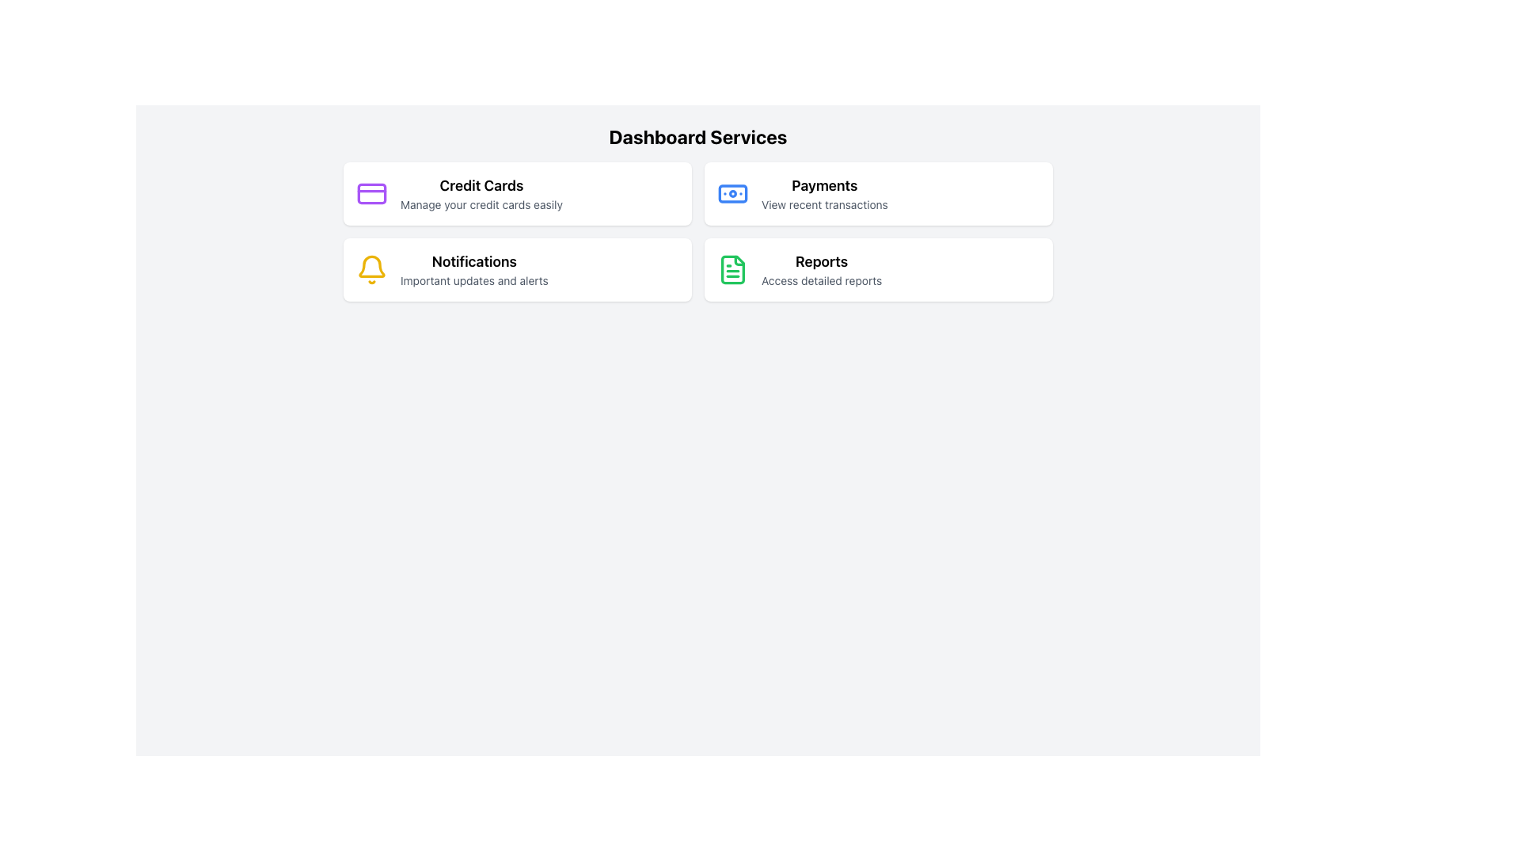  What do you see at coordinates (823, 193) in the screenshot?
I see `details from the Text Label Group that guides users to access payment-related features or transaction history, located in the upper-right quadrant of the interface` at bounding box center [823, 193].